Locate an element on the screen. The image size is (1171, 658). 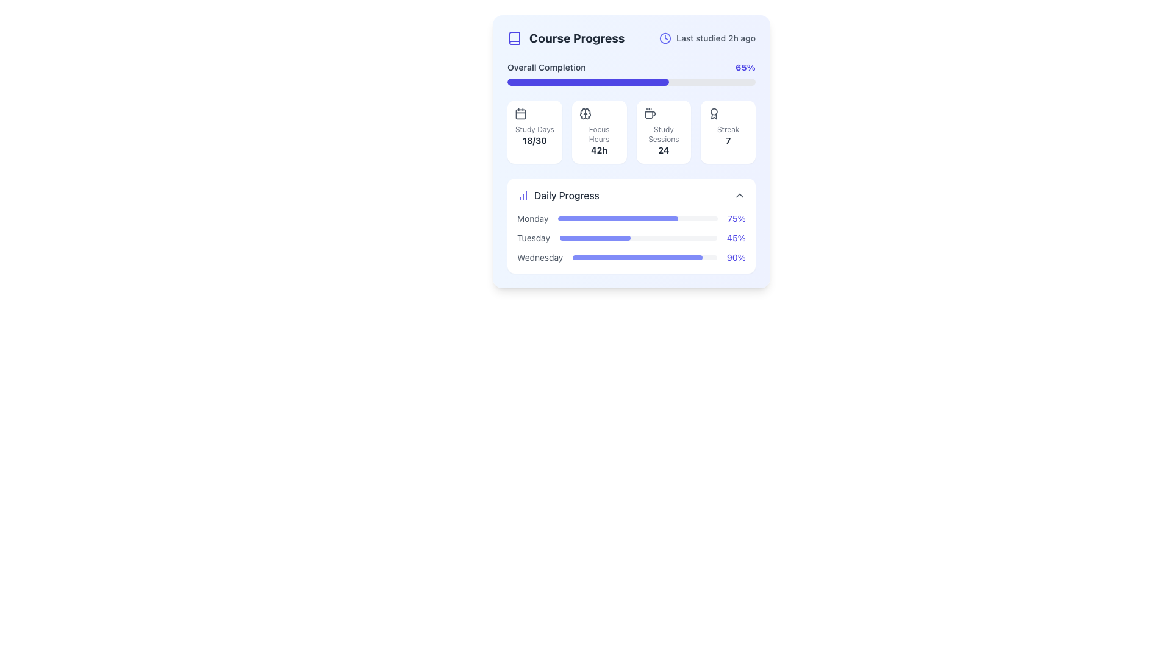
the static calendar icon located in the top left of the 'Course Progress' section, which visually represents study days is located at coordinates (521, 113).